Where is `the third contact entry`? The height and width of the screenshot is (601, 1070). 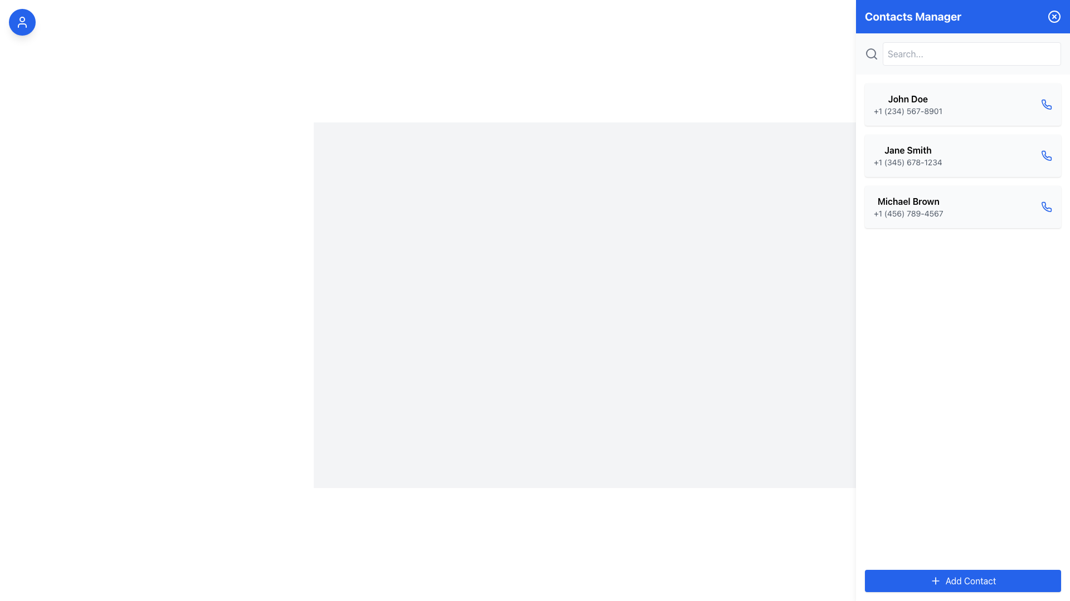
the third contact entry is located at coordinates (962, 206).